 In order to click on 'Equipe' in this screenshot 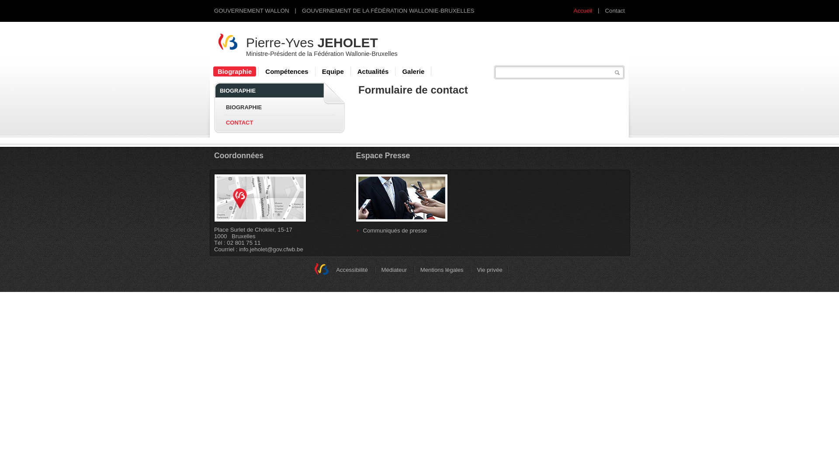, I will do `click(333, 71)`.